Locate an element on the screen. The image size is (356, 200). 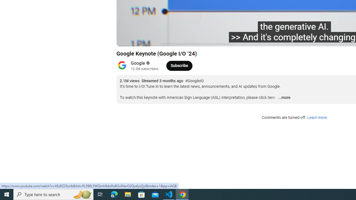
'...more' is located at coordinates (284, 97).